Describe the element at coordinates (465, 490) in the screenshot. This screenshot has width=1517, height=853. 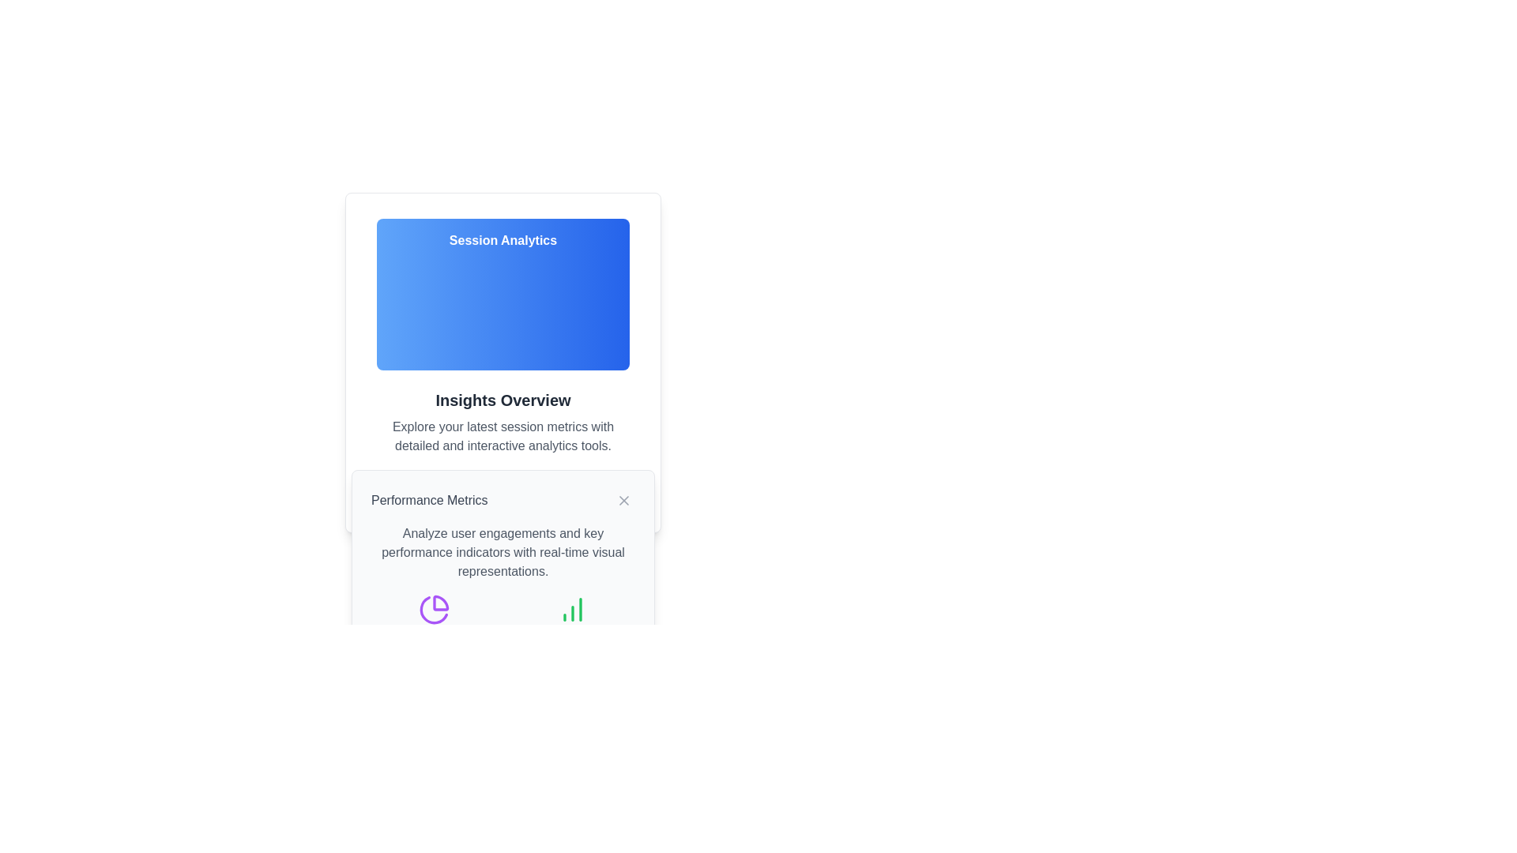
I see `the informational icon located within the 'Learn More' button at the top left of the button to get additional context` at that location.